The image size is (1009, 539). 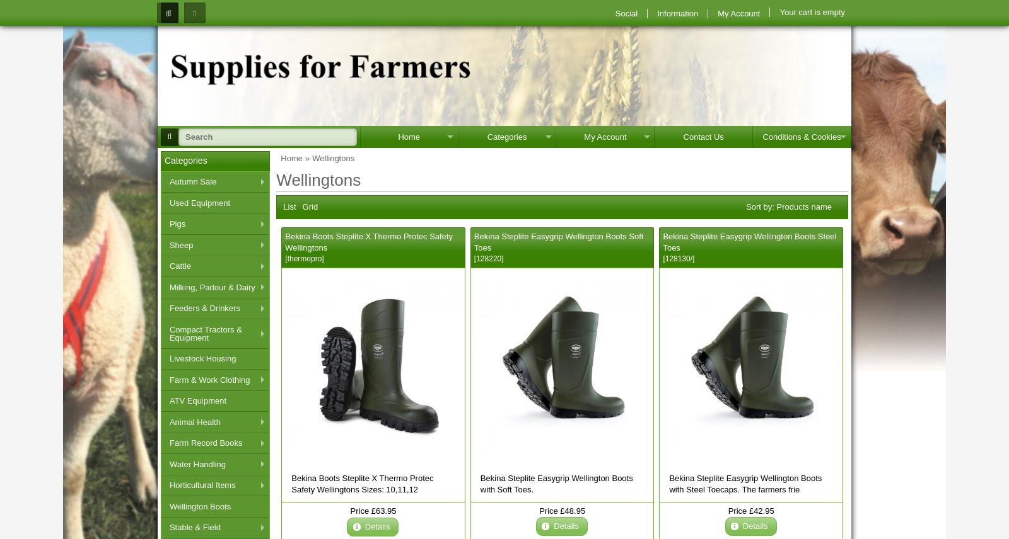 I want to click on 'Milking, Parlour & Dairy', so click(x=212, y=287).